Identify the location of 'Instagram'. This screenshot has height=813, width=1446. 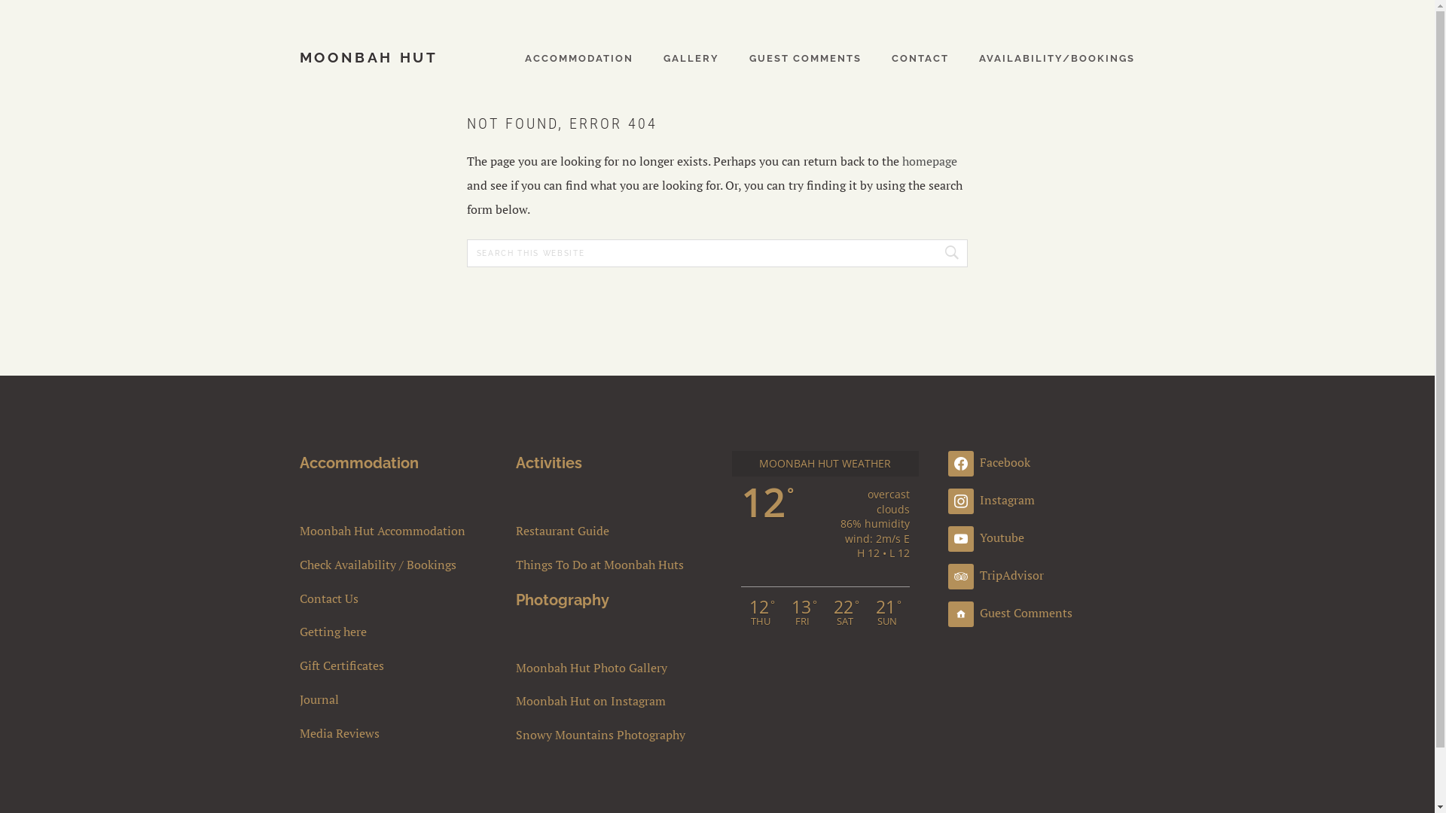
(991, 499).